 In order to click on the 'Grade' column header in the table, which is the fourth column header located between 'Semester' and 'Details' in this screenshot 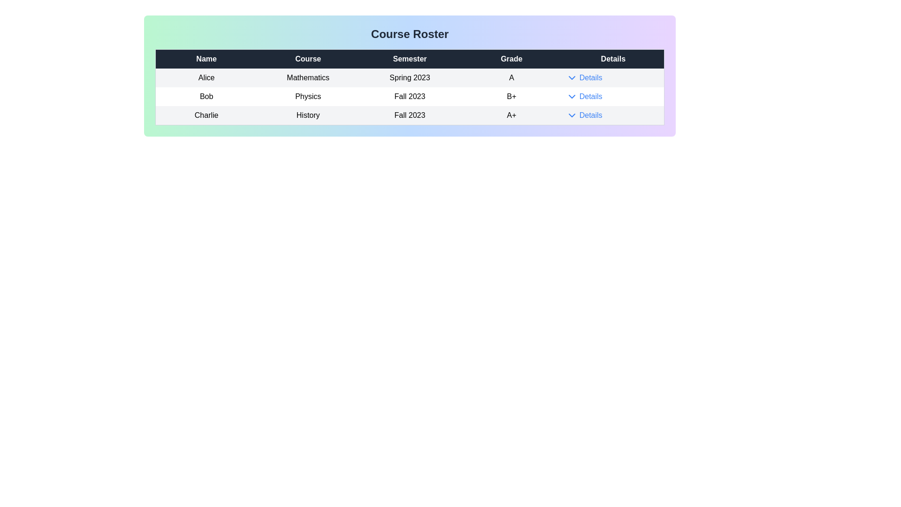, I will do `click(511, 59)`.